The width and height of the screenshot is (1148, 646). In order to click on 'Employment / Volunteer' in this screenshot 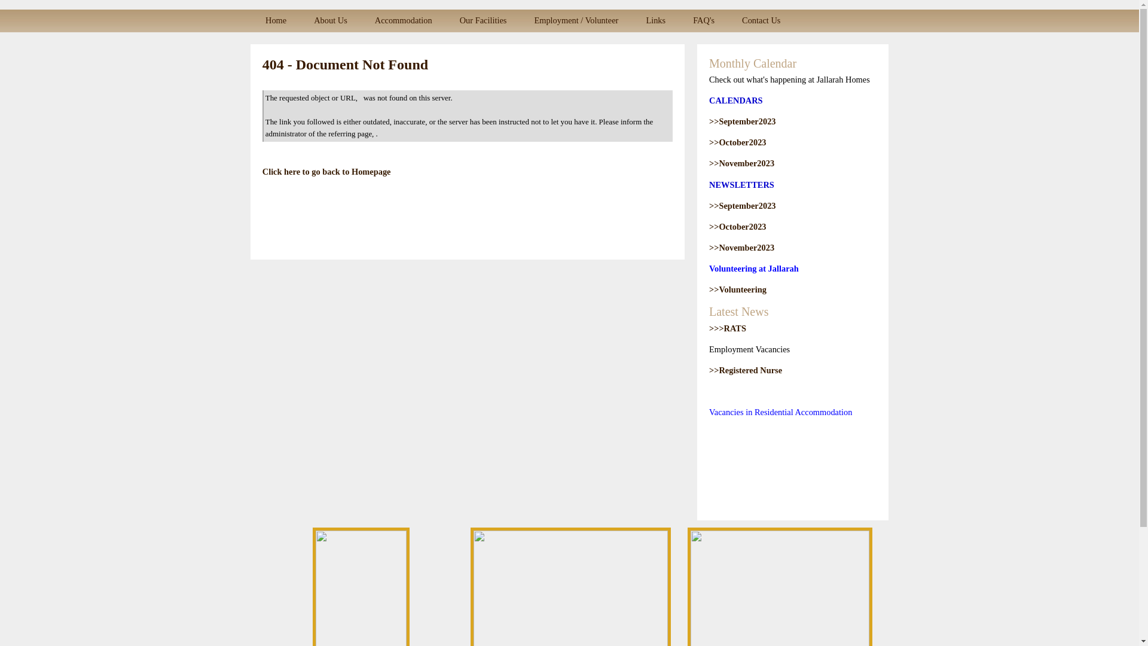, I will do `click(576, 20)`.